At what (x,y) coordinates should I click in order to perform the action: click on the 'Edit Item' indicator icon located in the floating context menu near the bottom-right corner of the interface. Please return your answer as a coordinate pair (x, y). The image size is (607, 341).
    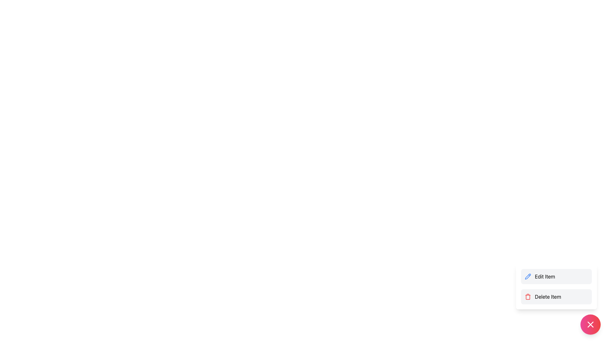
    Looking at the image, I should click on (528, 276).